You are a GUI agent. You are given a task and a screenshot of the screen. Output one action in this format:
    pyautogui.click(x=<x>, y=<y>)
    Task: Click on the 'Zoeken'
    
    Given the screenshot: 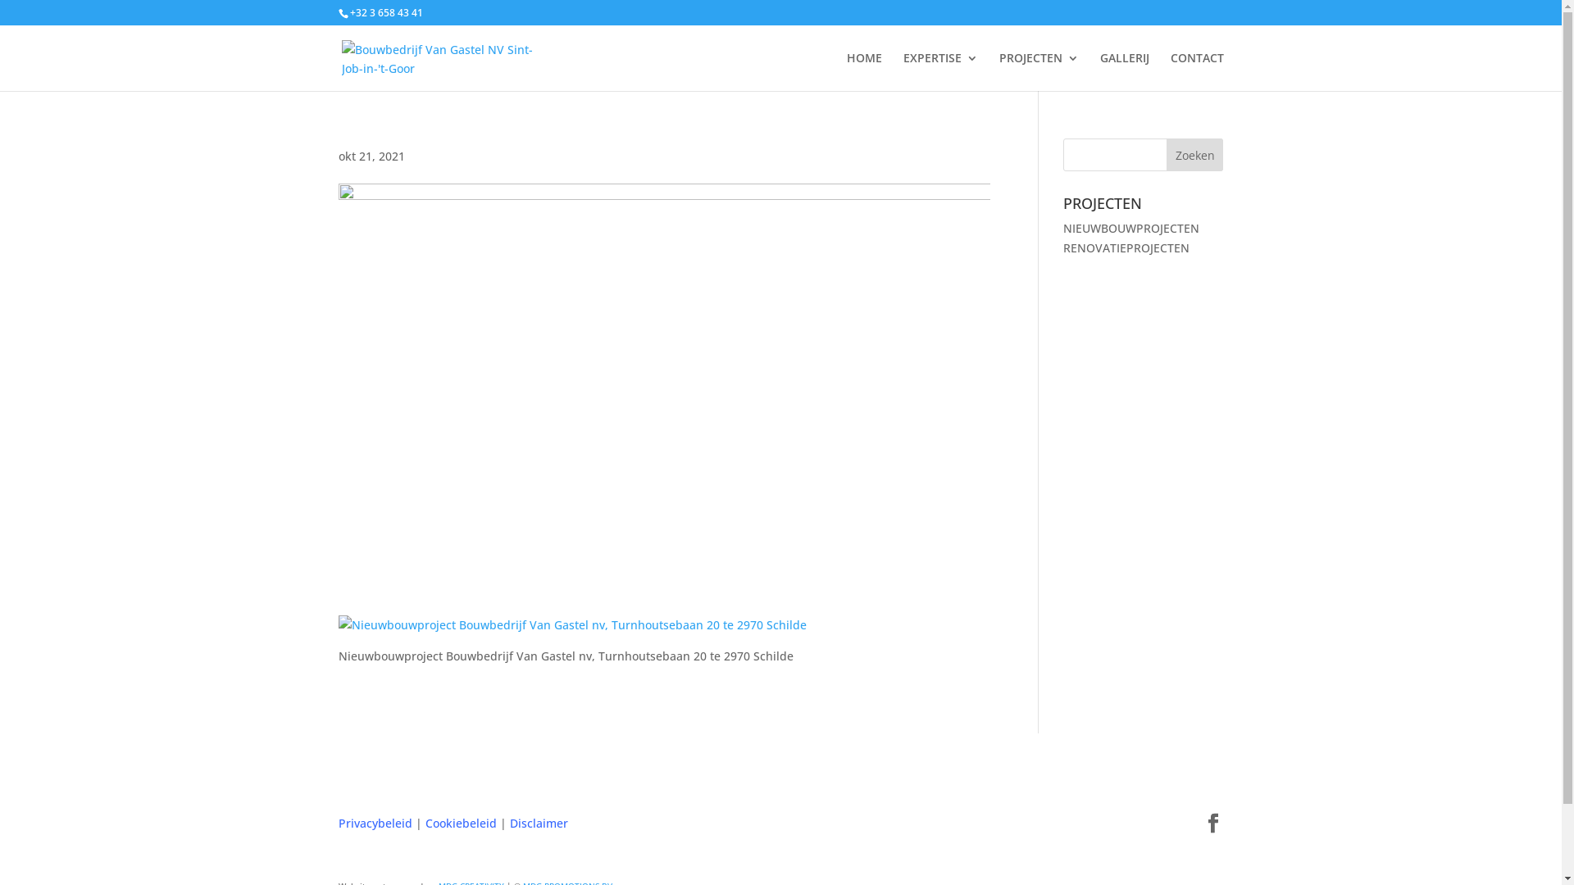 What is the action you would take?
    pyautogui.click(x=1165, y=155)
    